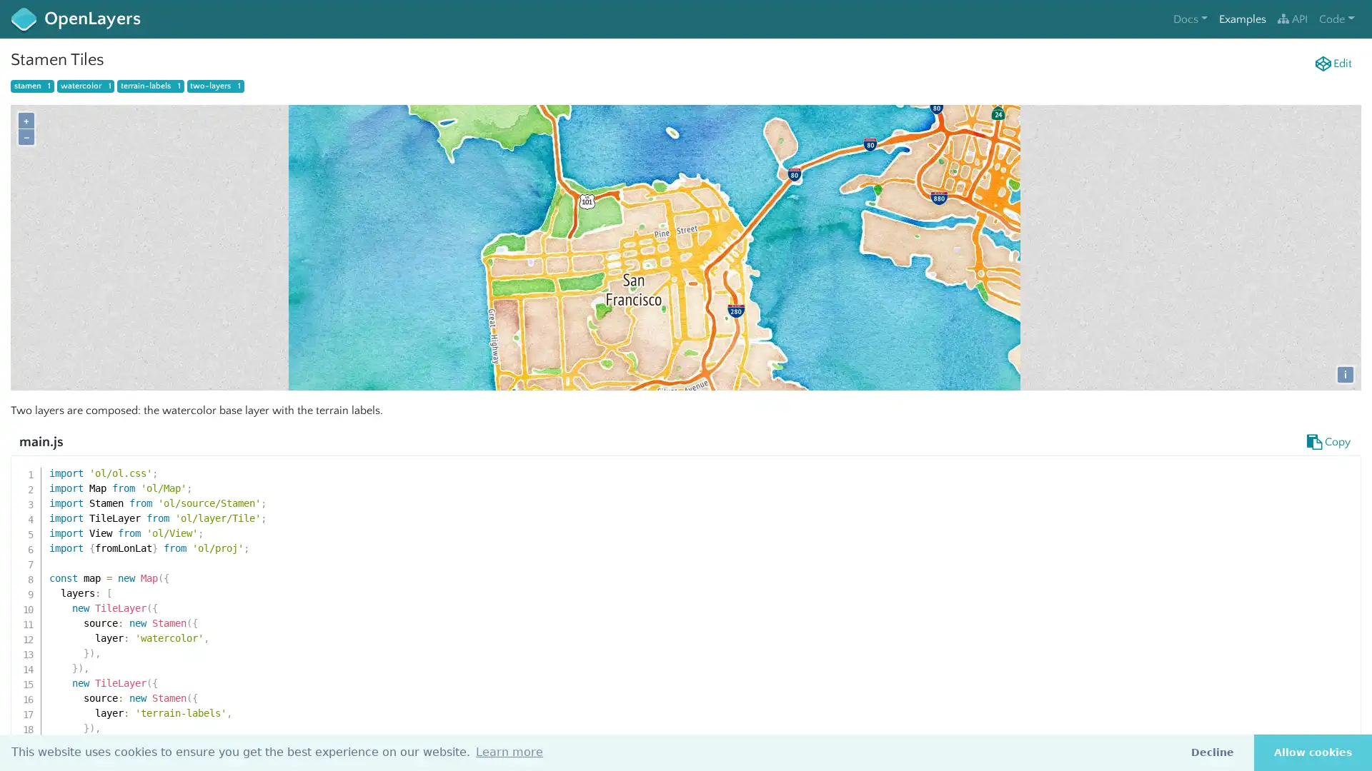  What do you see at coordinates (1327, 440) in the screenshot?
I see `Copy` at bounding box center [1327, 440].